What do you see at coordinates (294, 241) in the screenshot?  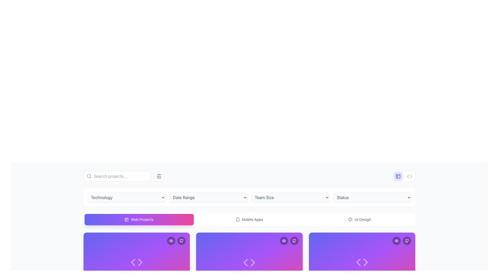 I see `the GitHub icon, which is a small black and white SVG-style icon located within a rounded button at the top-right corner of a card-like structure` at bounding box center [294, 241].